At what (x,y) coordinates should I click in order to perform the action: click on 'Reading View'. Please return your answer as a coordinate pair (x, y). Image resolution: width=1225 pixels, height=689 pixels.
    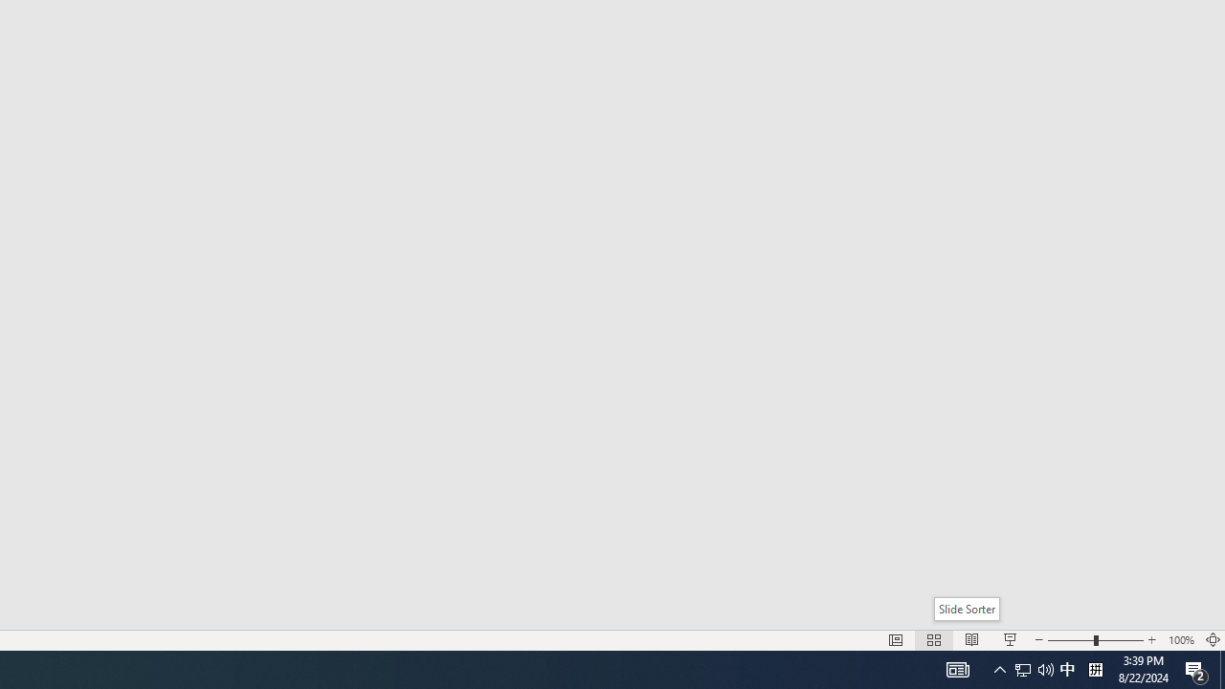
    Looking at the image, I should click on (971, 640).